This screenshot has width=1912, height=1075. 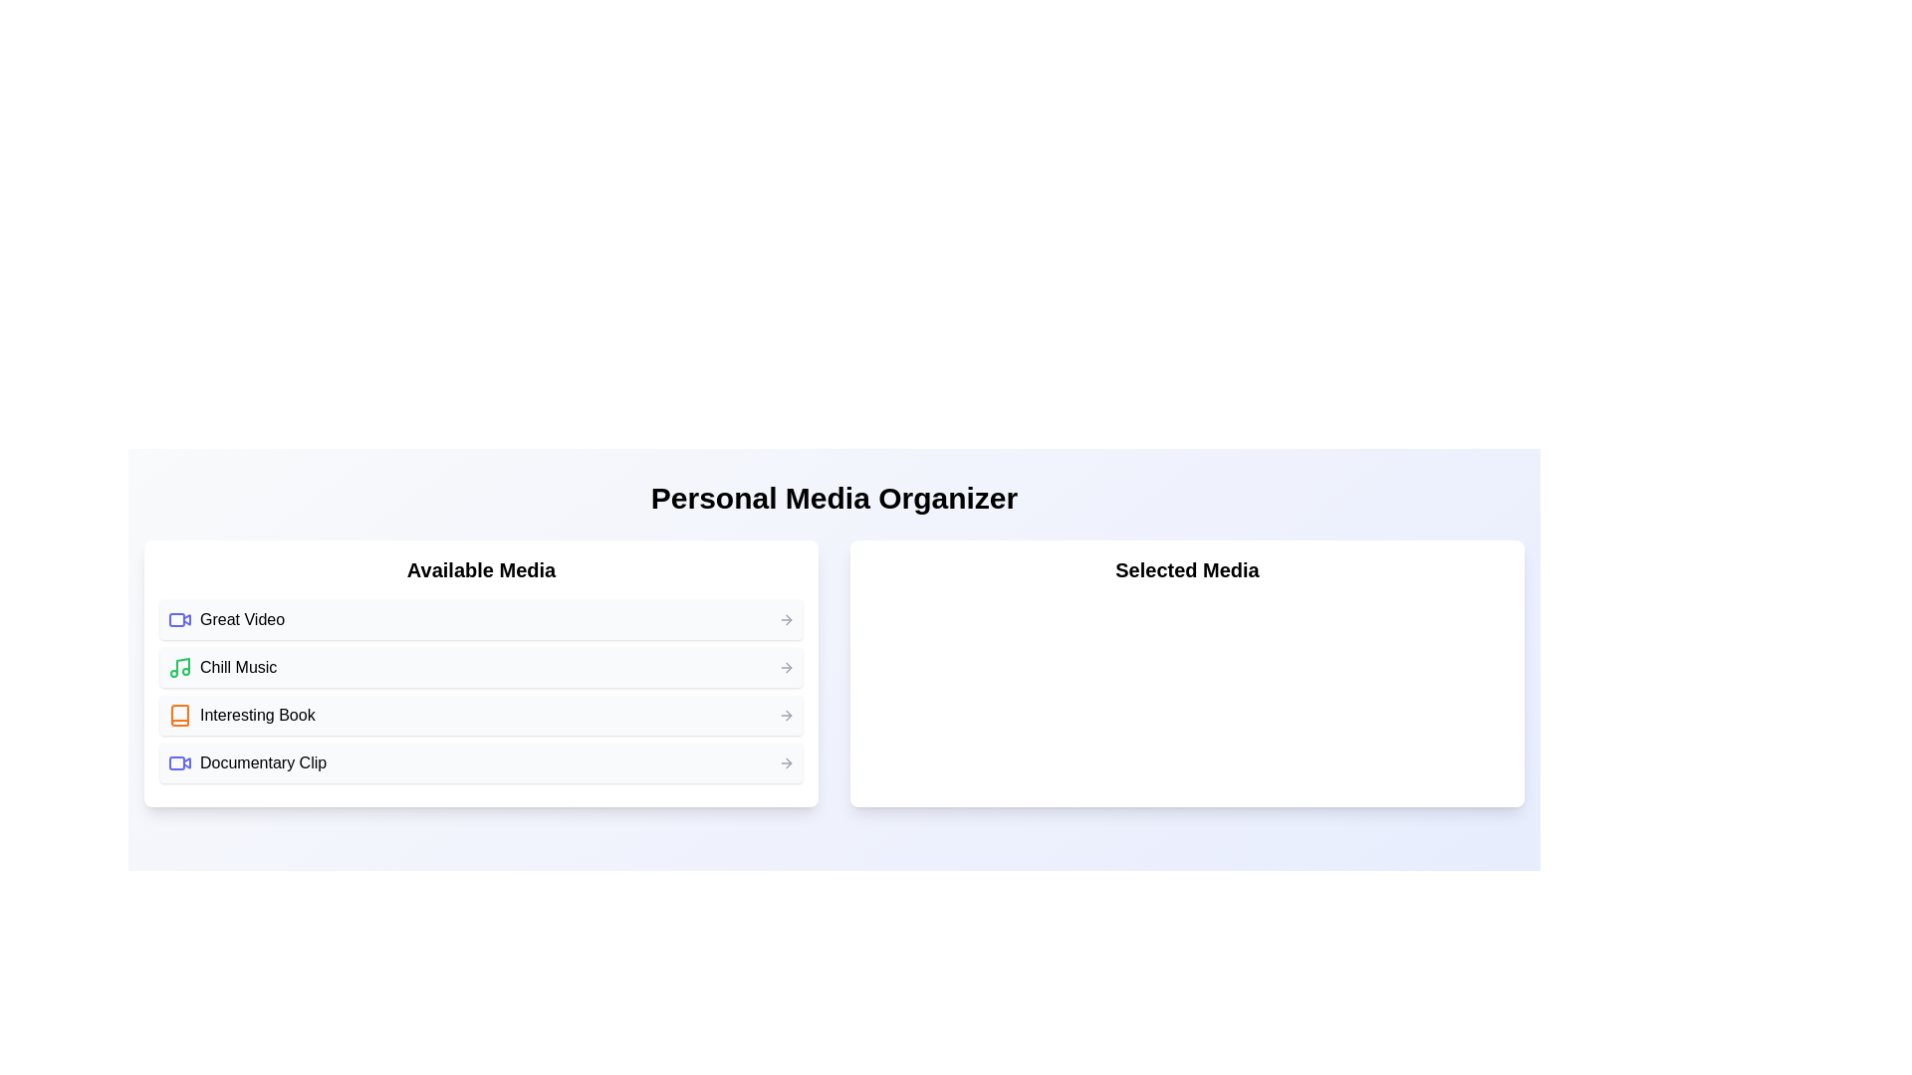 I want to click on the list item labeled 'Interesting Book' with an orange book icon, which is the third entry in the 'Available Media' list, so click(x=240, y=714).